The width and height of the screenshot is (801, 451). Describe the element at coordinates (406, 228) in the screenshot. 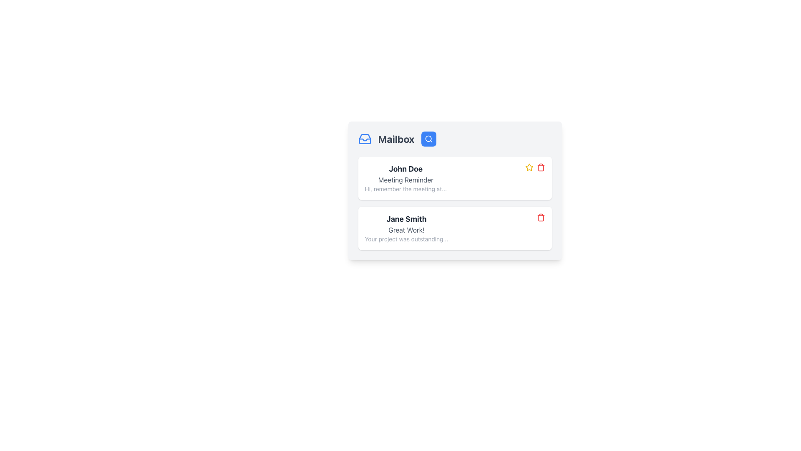

I see `the text content block displaying user-related information located in the second card of the vertical list` at that location.